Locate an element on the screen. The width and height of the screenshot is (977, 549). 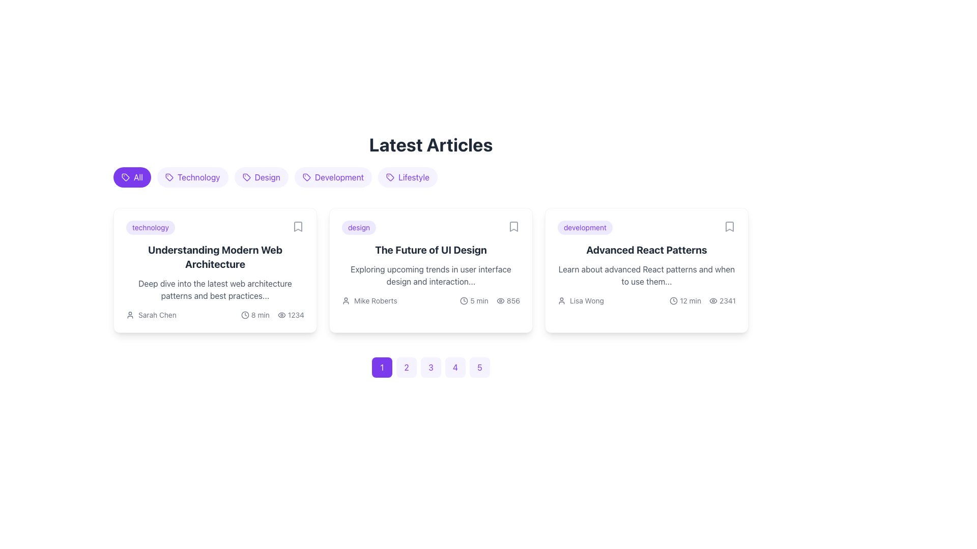
the tag-like icon located to the left of the 'Development' text, which has a rounded rectangular outline with a circular cutout is located at coordinates (306, 176).